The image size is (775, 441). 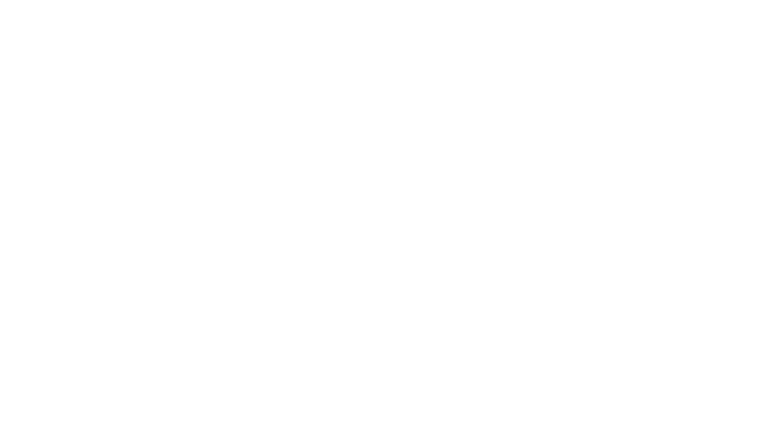 What do you see at coordinates (497, 344) in the screenshot?
I see `'0'` at bounding box center [497, 344].